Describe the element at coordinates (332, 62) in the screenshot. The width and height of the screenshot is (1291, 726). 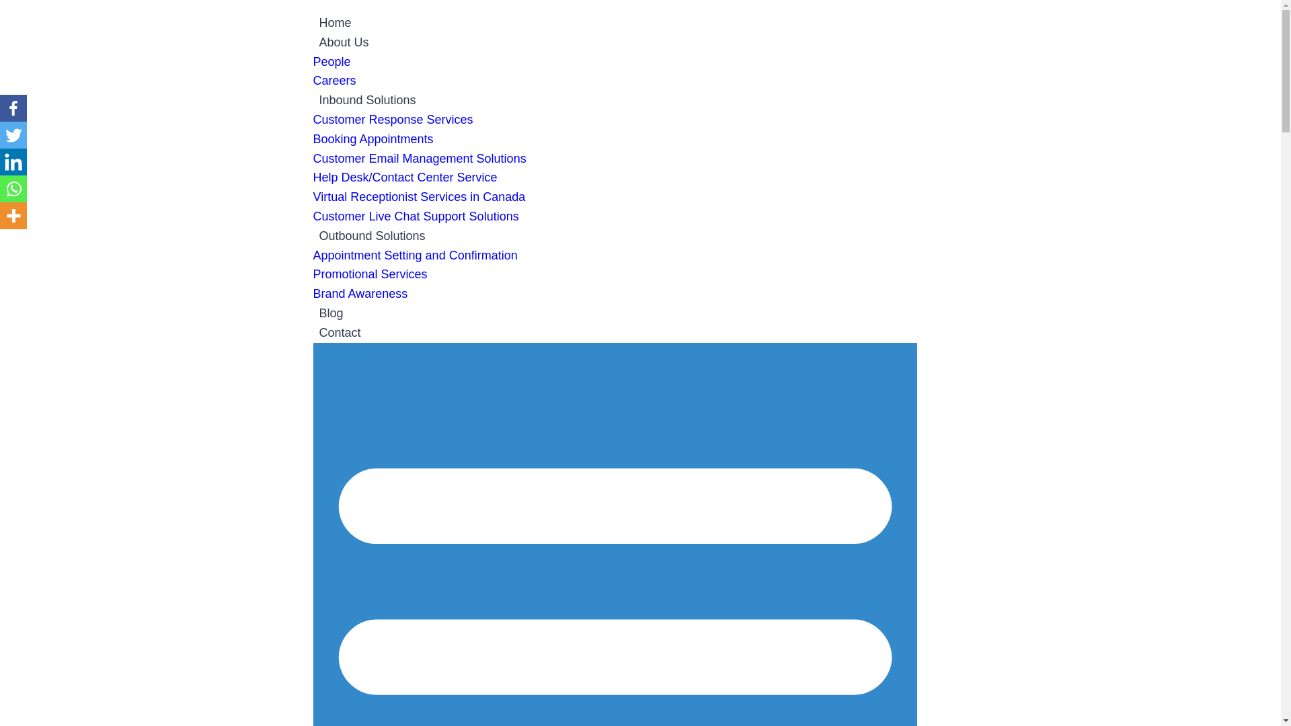
I see `'People'` at that location.